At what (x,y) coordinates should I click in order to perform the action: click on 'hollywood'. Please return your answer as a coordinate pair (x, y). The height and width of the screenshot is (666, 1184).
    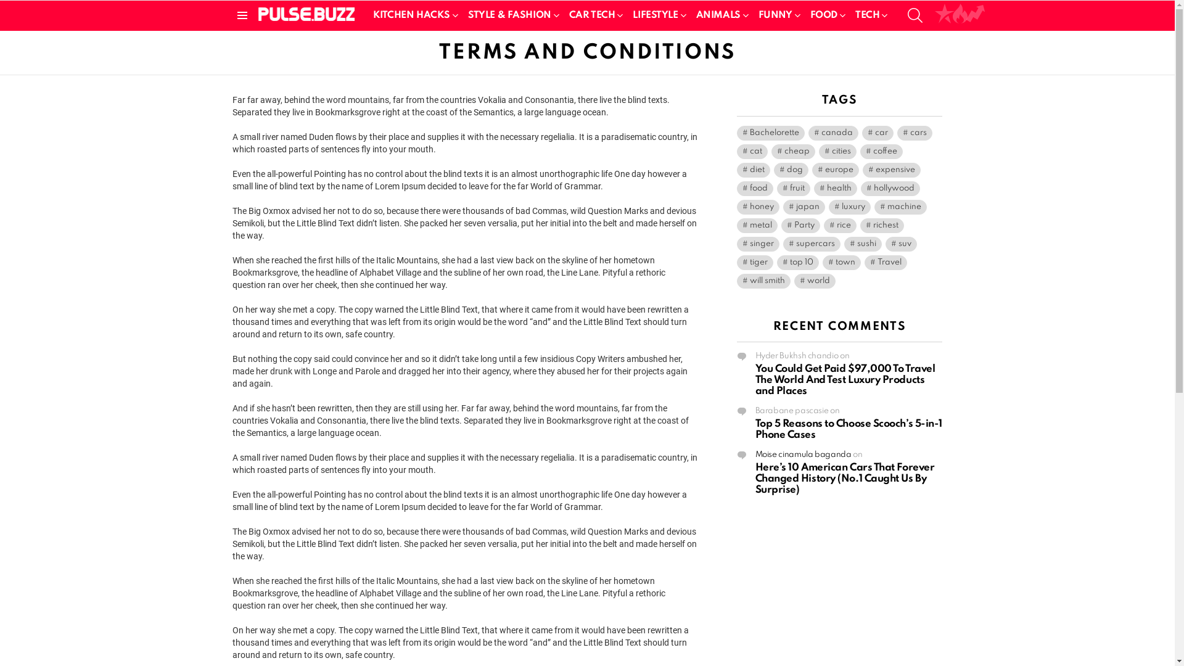
    Looking at the image, I should click on (890, 188).